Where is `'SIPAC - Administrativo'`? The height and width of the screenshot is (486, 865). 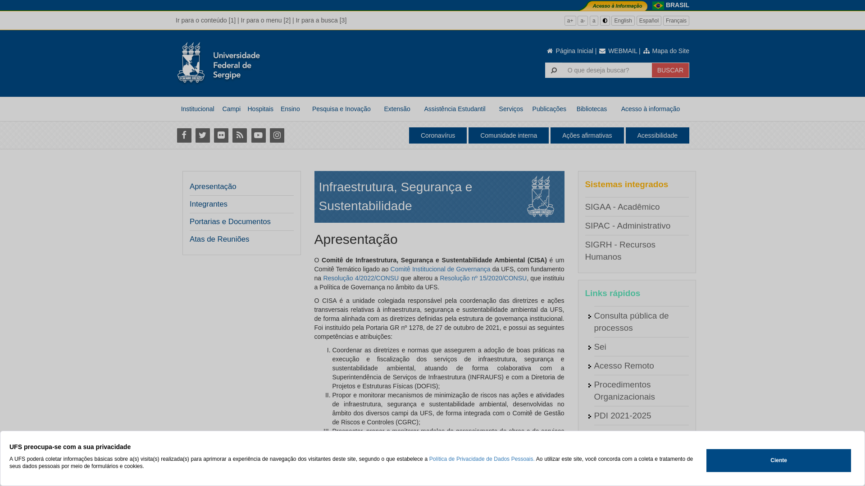 'SIPAC - Administrativo' is located at coordinates (627, 225).